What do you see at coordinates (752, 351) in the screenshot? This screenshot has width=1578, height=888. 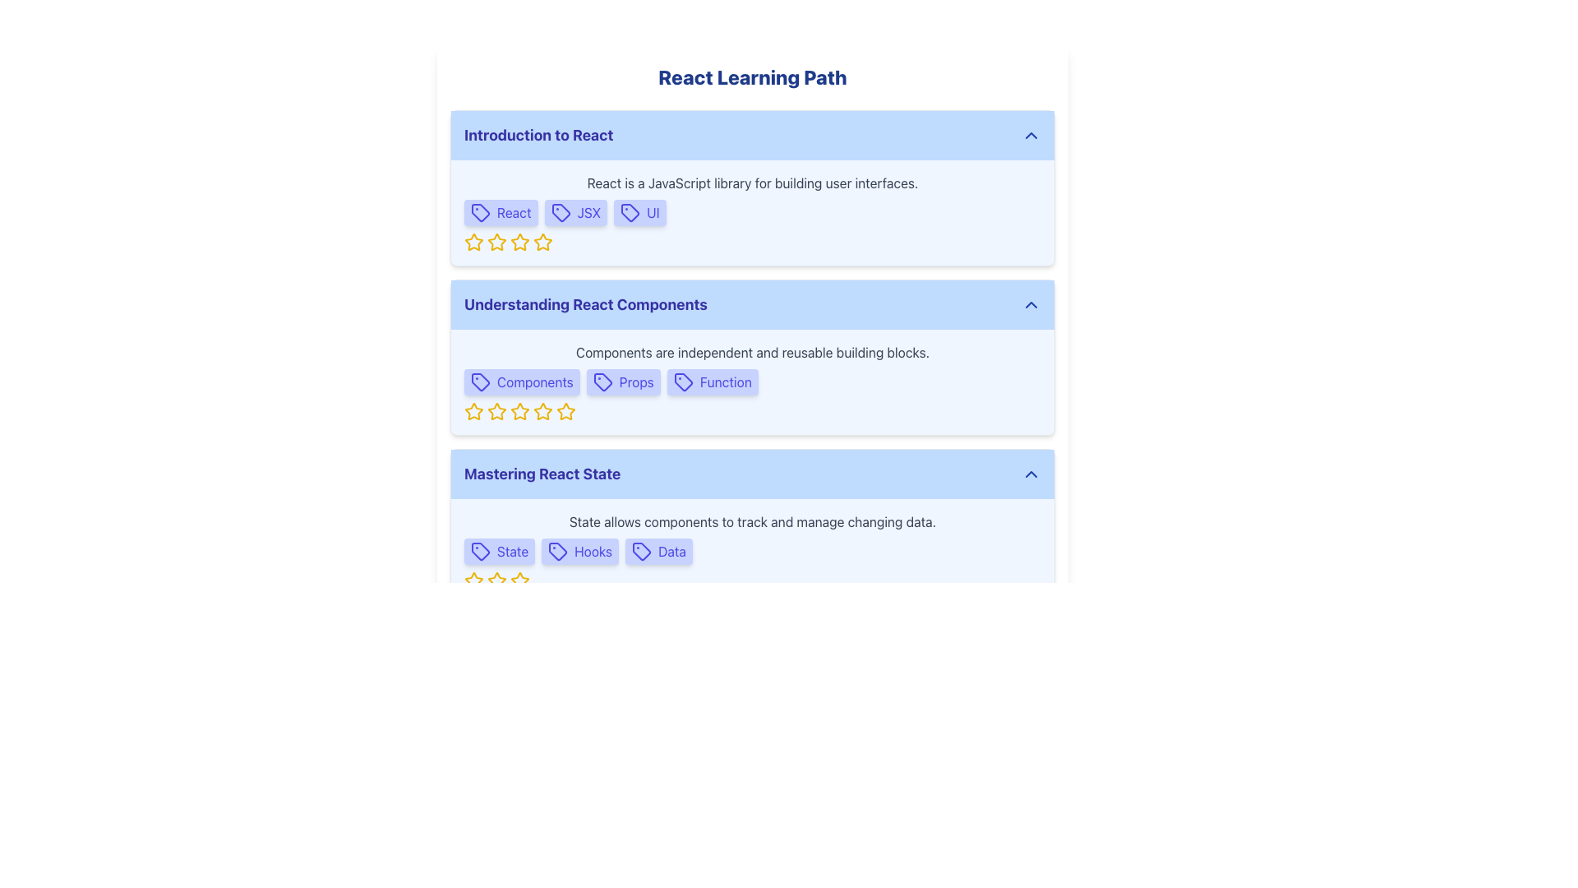 I see `to select the text block displaying 'Components are independent and reusable building blocks.' located within the highlighted module 'Understanding React Components'` at bounding box center [752, 351].